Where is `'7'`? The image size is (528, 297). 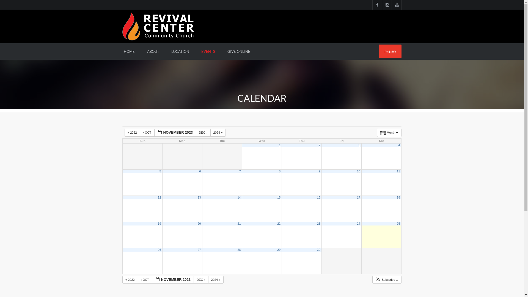
'7' is located at coordinates (240, 171).